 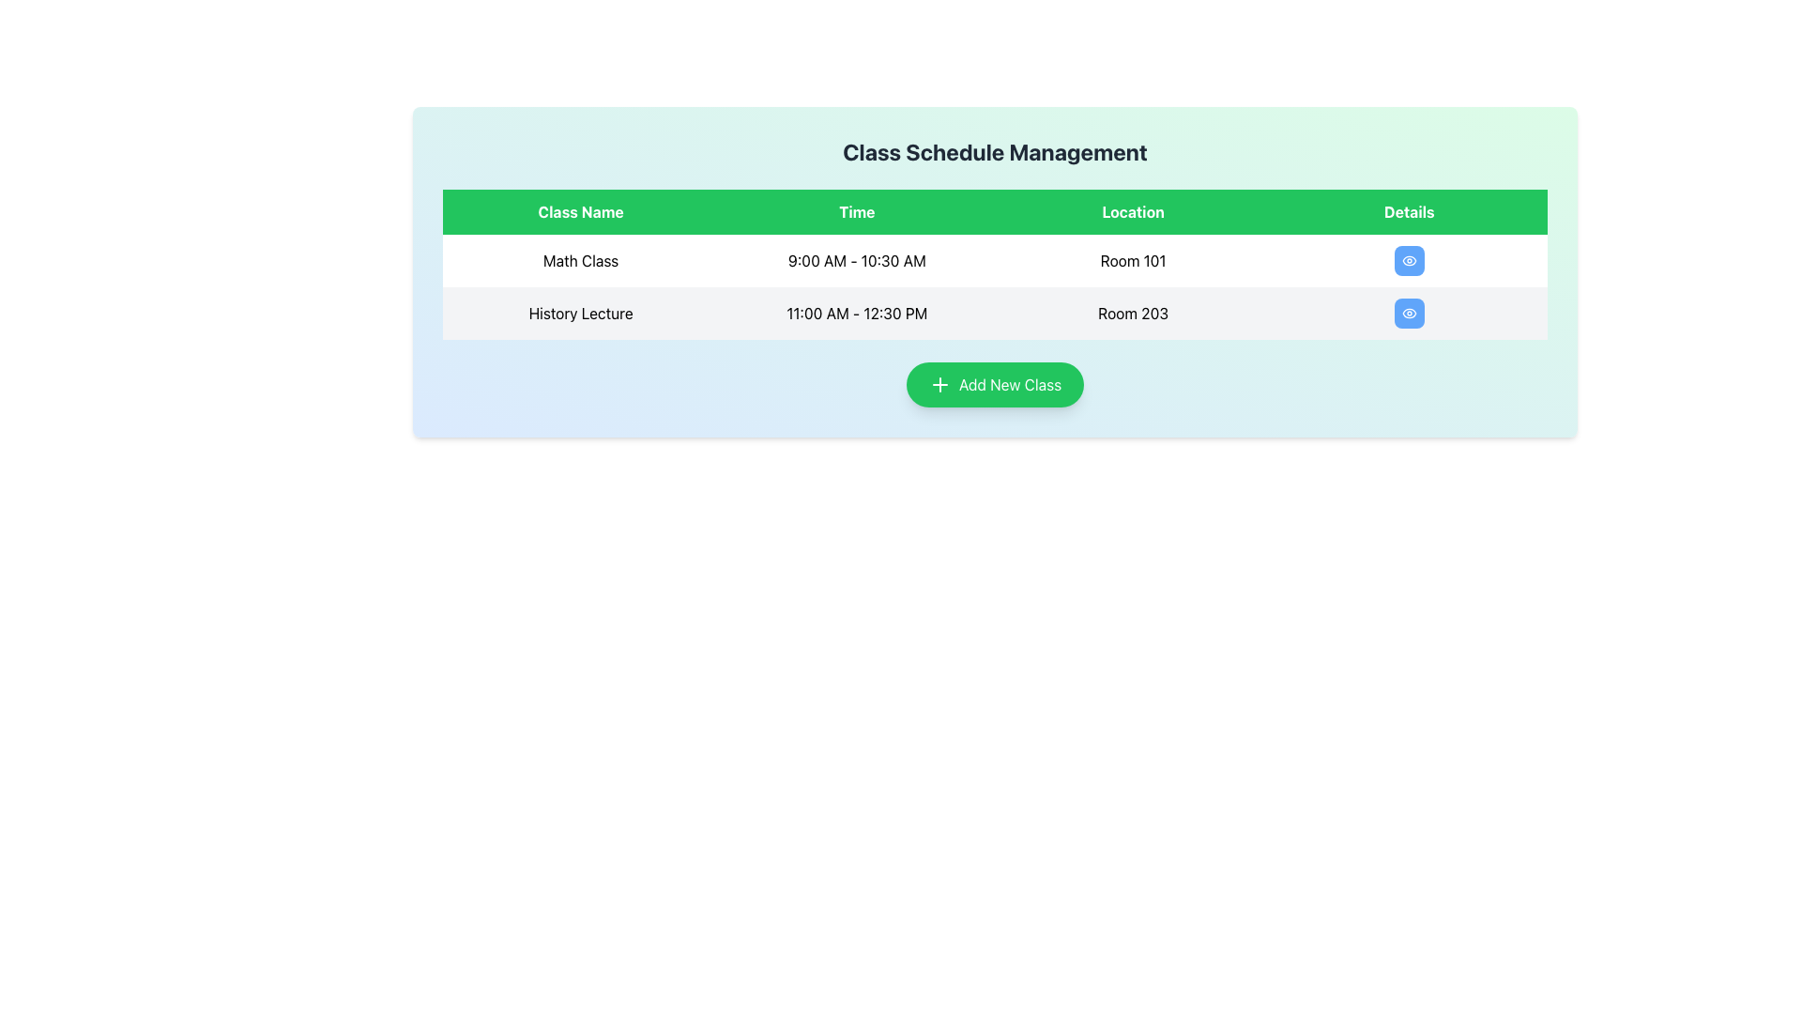 What do you see at coordinates (1409, 260) in the screenshot?
I see `the button in the 'Details' column of the first row under 'Class Schedule Management'` at bounding box center [1409, 260].